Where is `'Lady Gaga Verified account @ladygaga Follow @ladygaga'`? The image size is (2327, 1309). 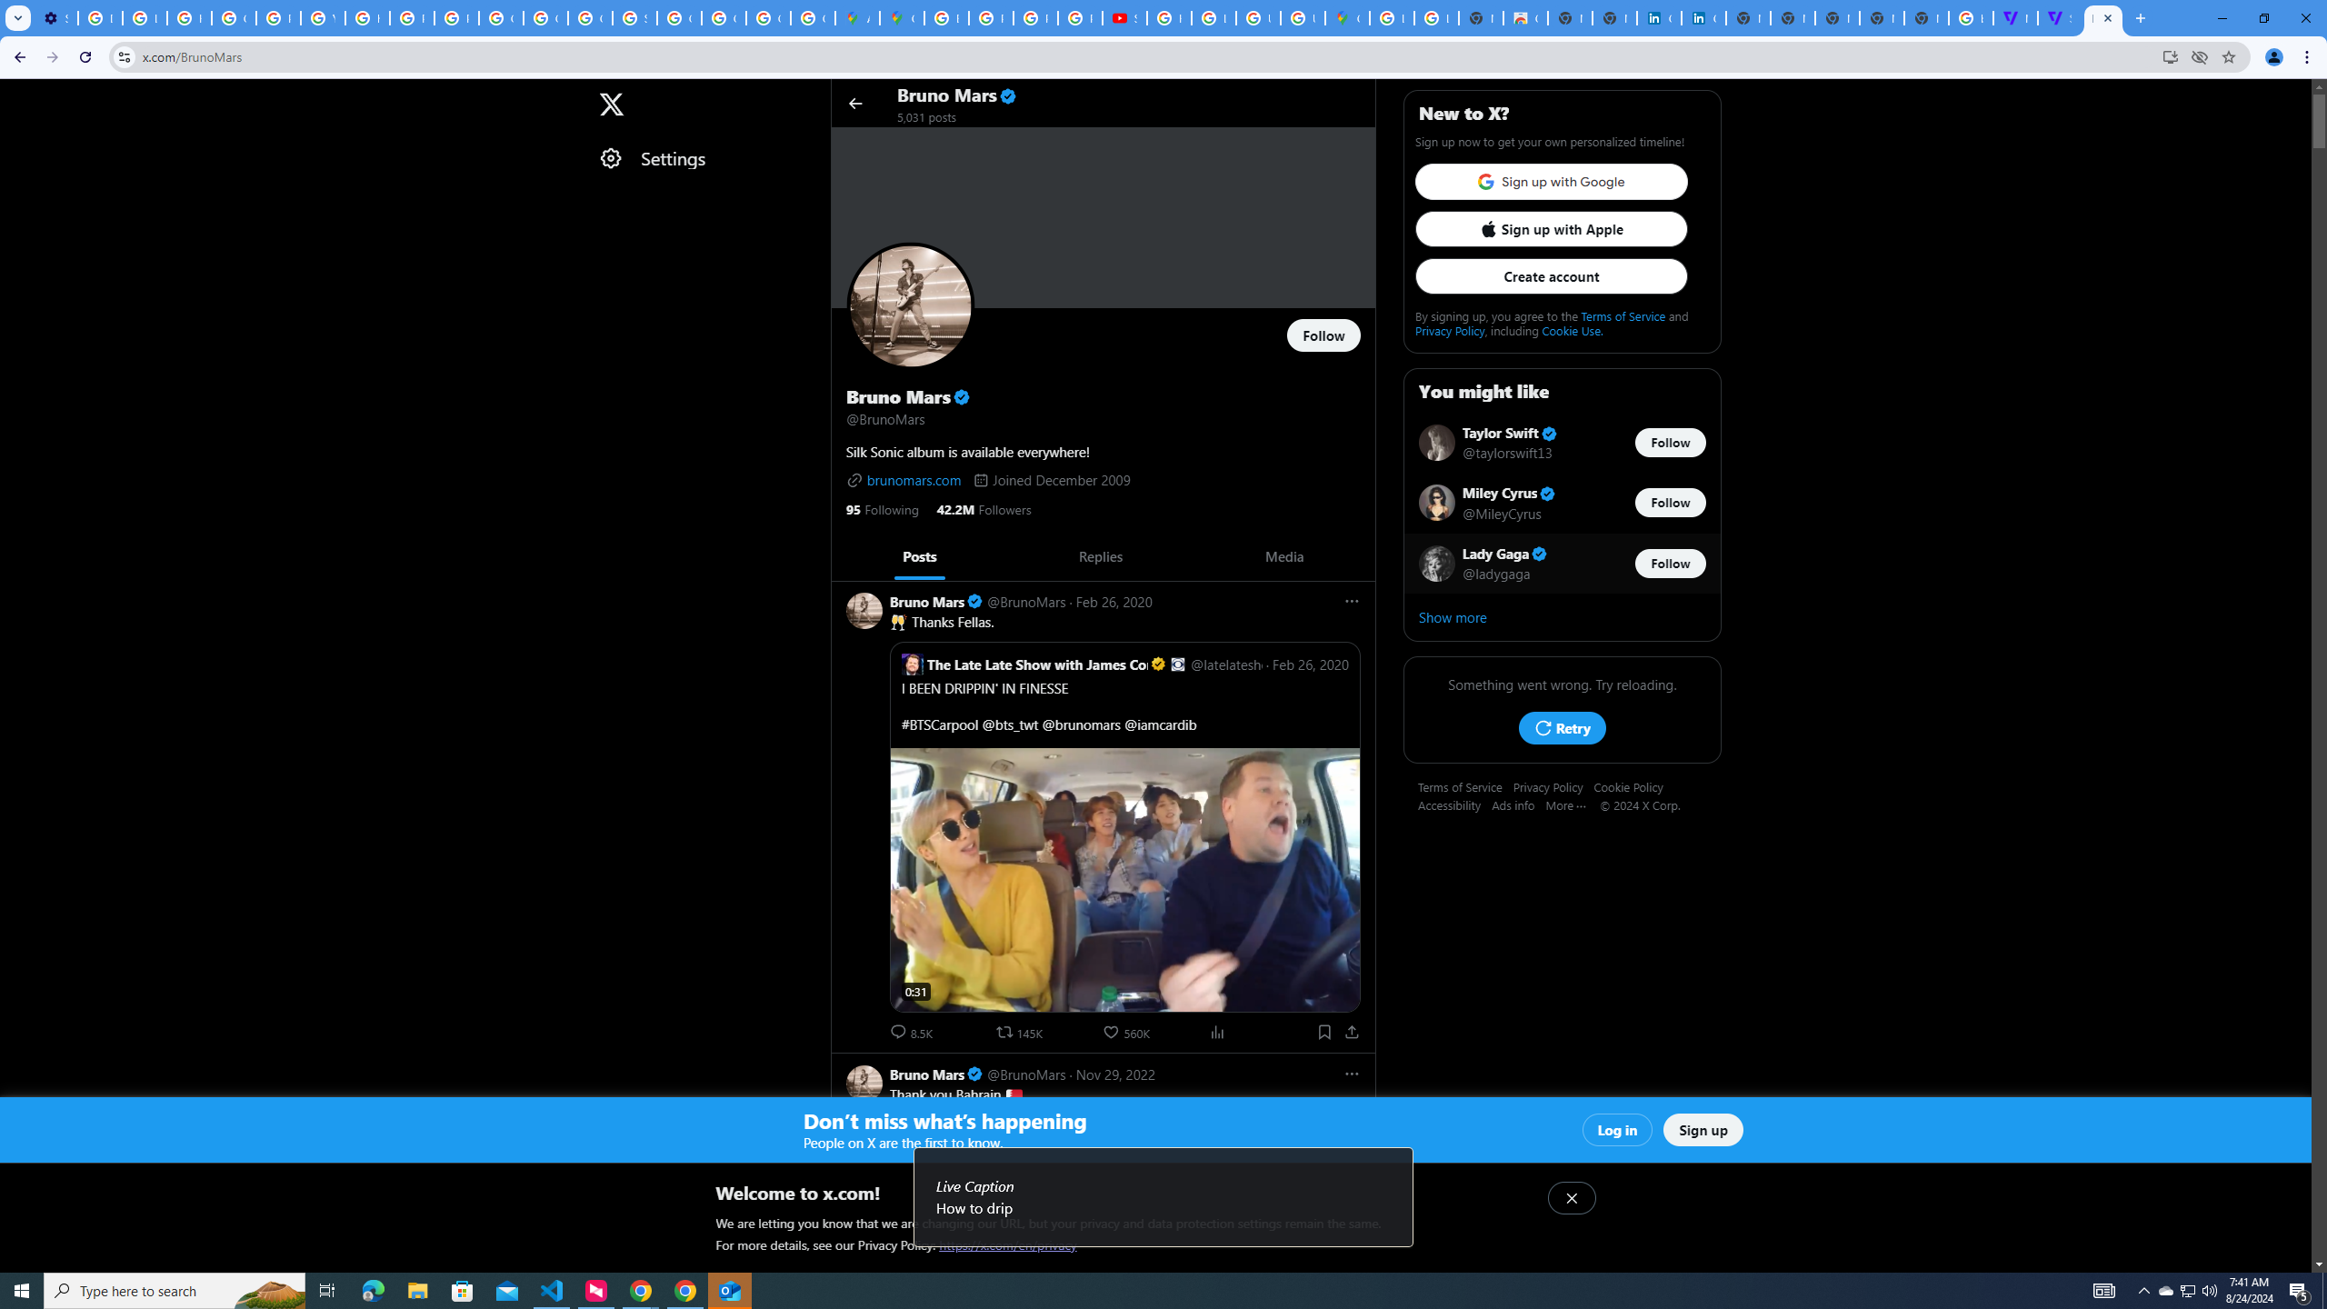
'Lady Gaga Verified account @ladygaga Follow @ladygaga' is located at coordinates (1563, 562).